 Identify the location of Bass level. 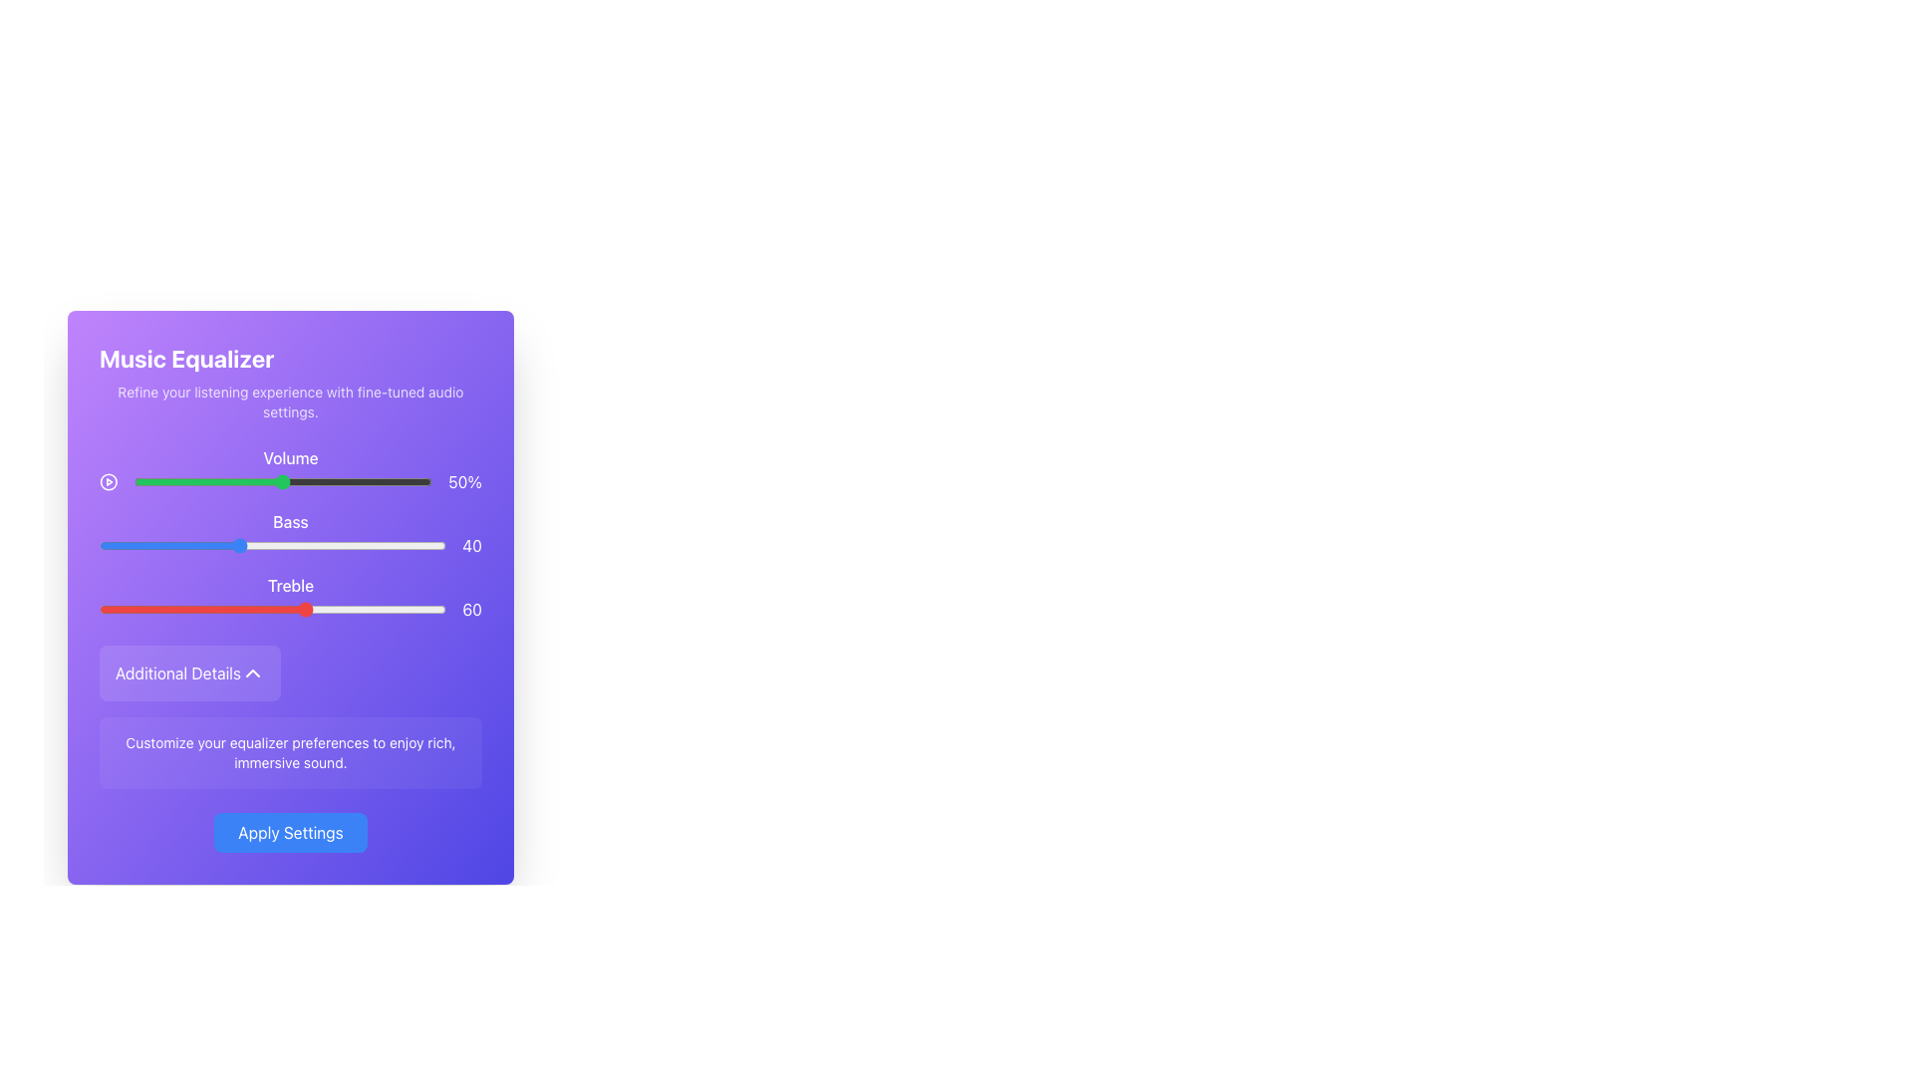
(247, 545).